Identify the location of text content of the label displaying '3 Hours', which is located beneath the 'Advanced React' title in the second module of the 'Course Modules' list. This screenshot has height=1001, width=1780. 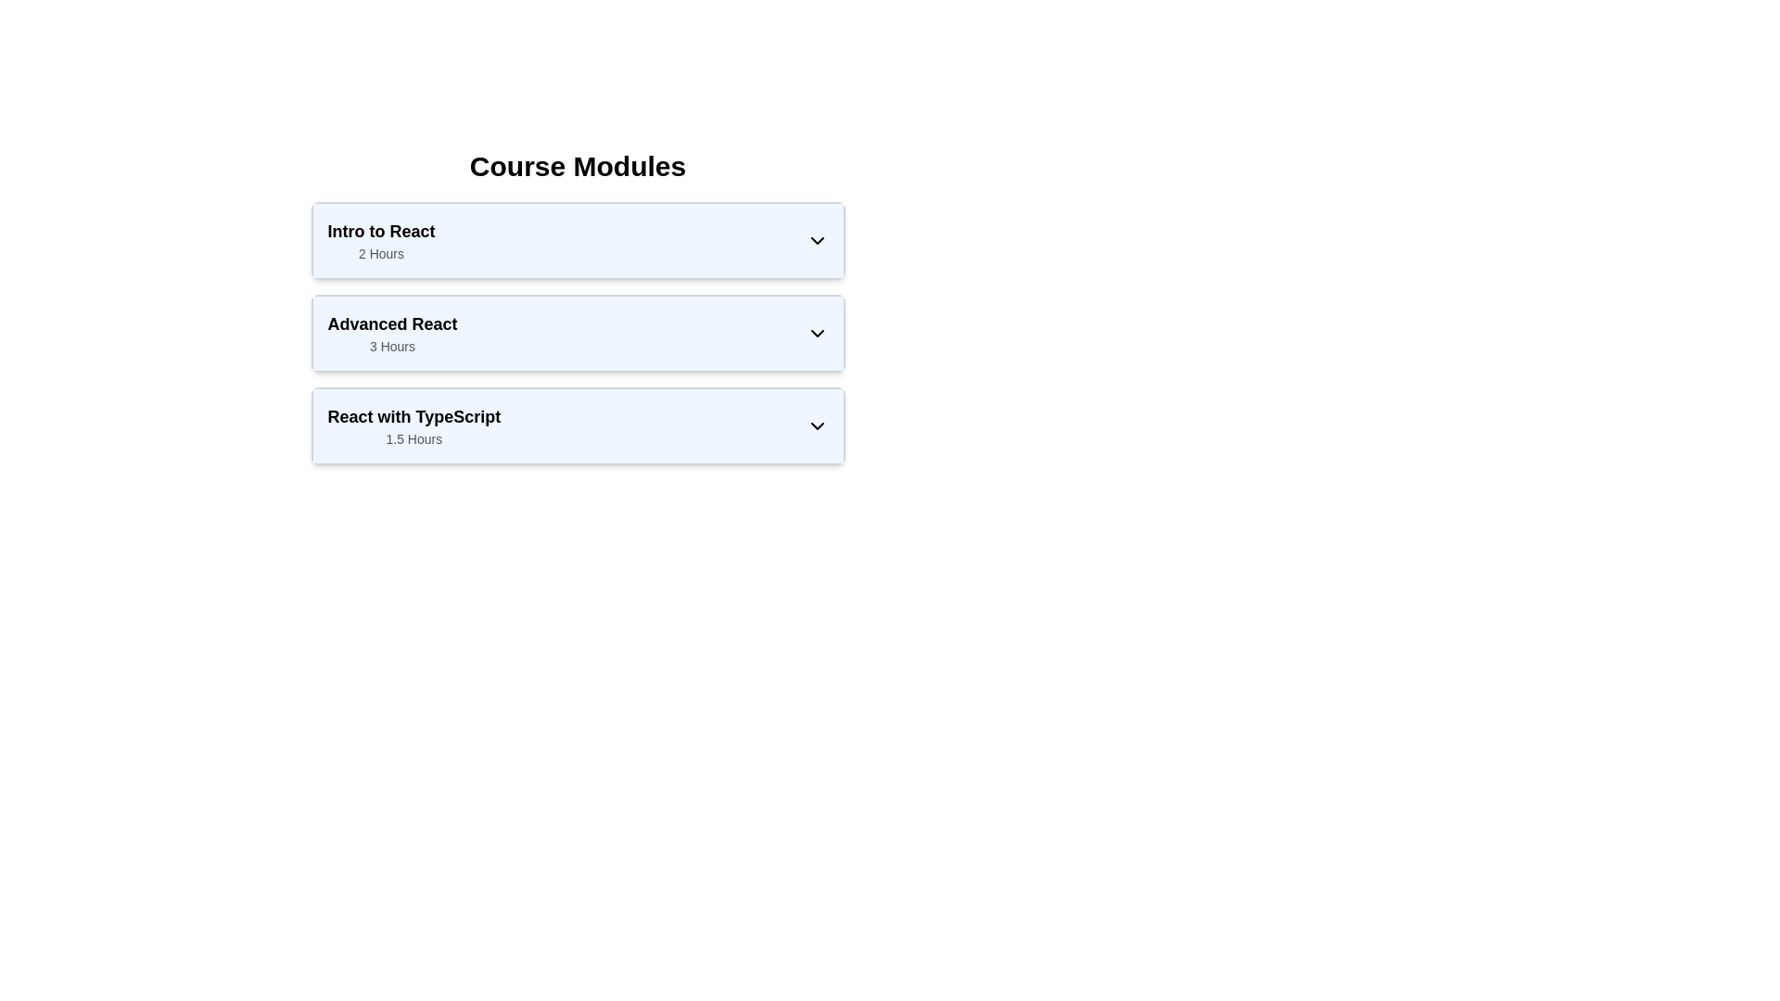
(391, 347).